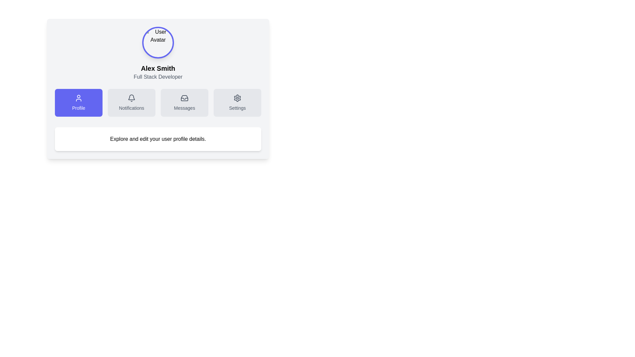  Describe the element at coordinates (237, 103) in the screenshot. I see `the fourth button in a row of four panels` at that location.